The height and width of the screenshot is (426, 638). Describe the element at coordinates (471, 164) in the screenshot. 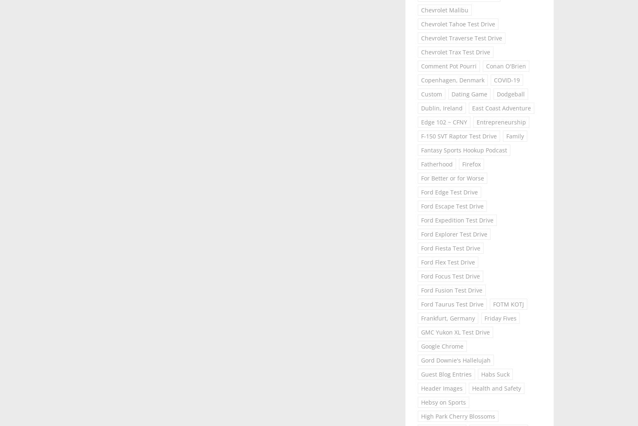

I see `'Firefox'` at that location.